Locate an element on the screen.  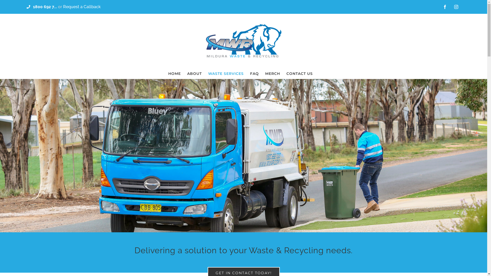
'Instagram' is located at coordinates (456, 7).